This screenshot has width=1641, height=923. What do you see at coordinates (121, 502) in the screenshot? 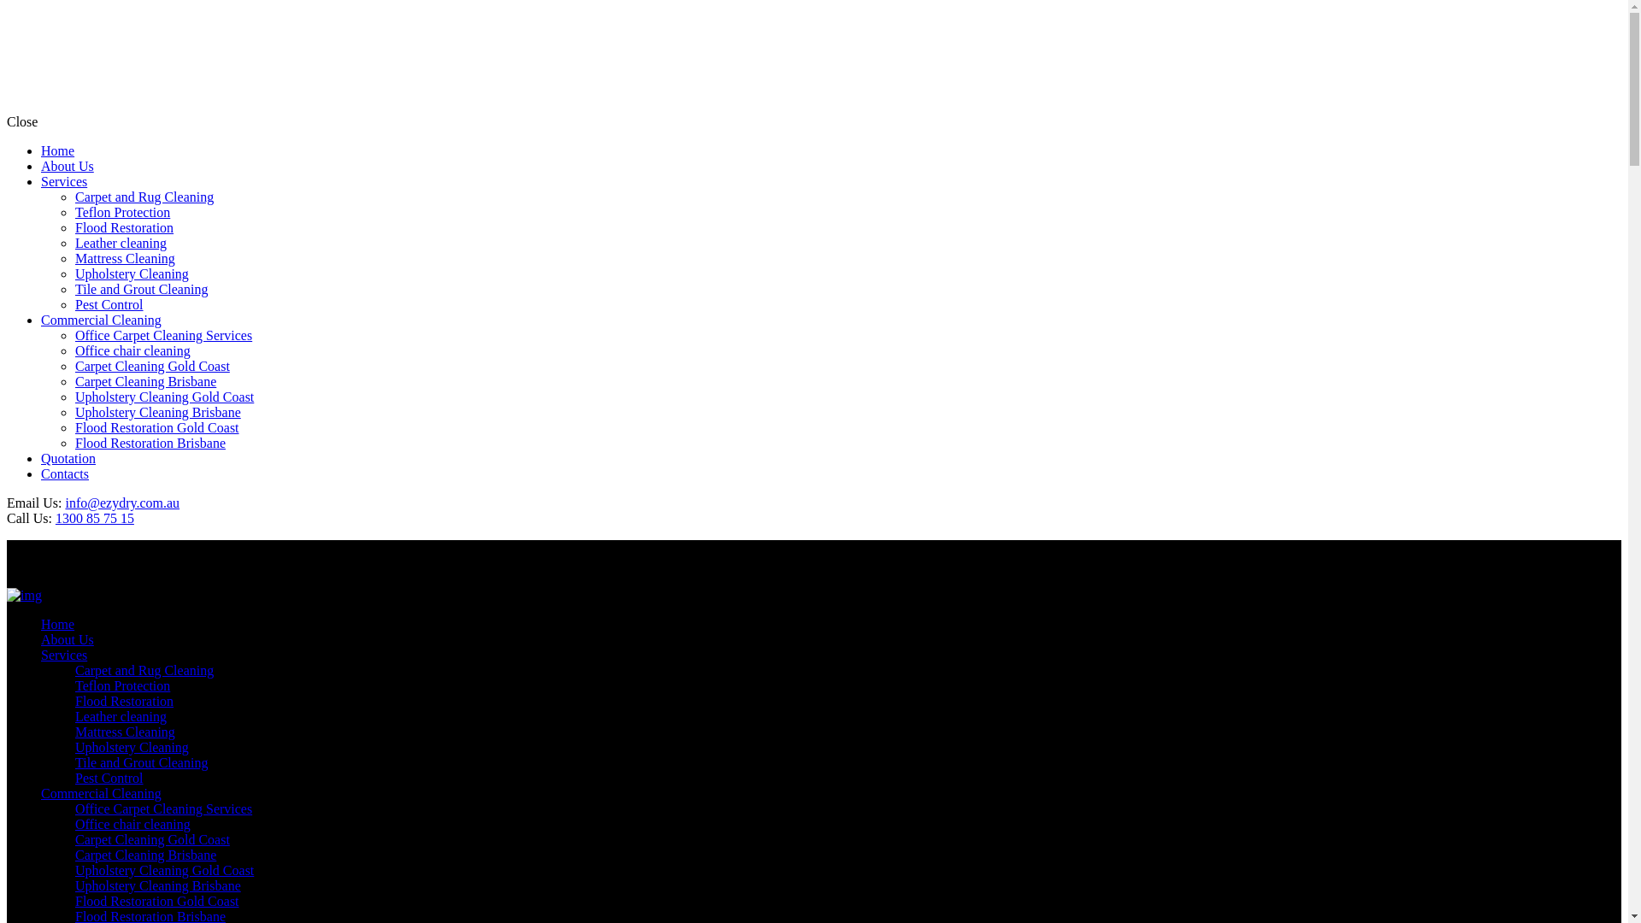
I see `'info@ezydry.com.au'` at bounding box center [121, 502].